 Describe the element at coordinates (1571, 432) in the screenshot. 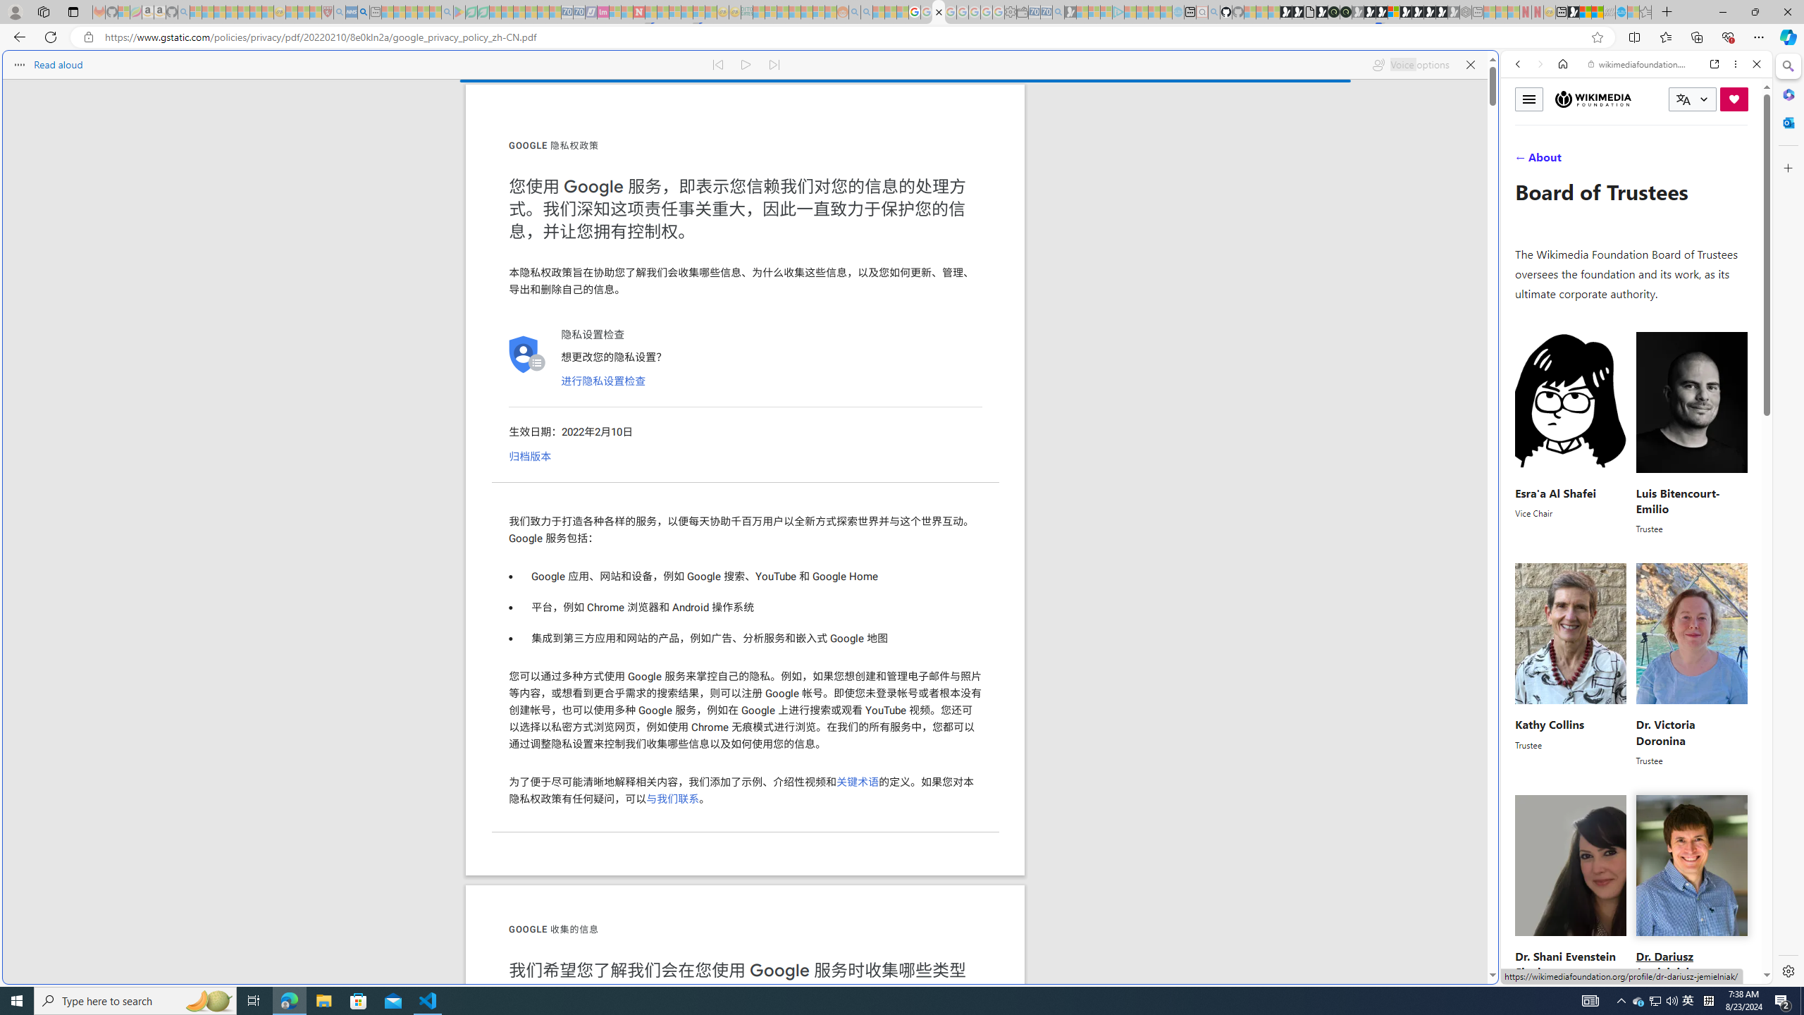

I see `'Esra'` at that location.